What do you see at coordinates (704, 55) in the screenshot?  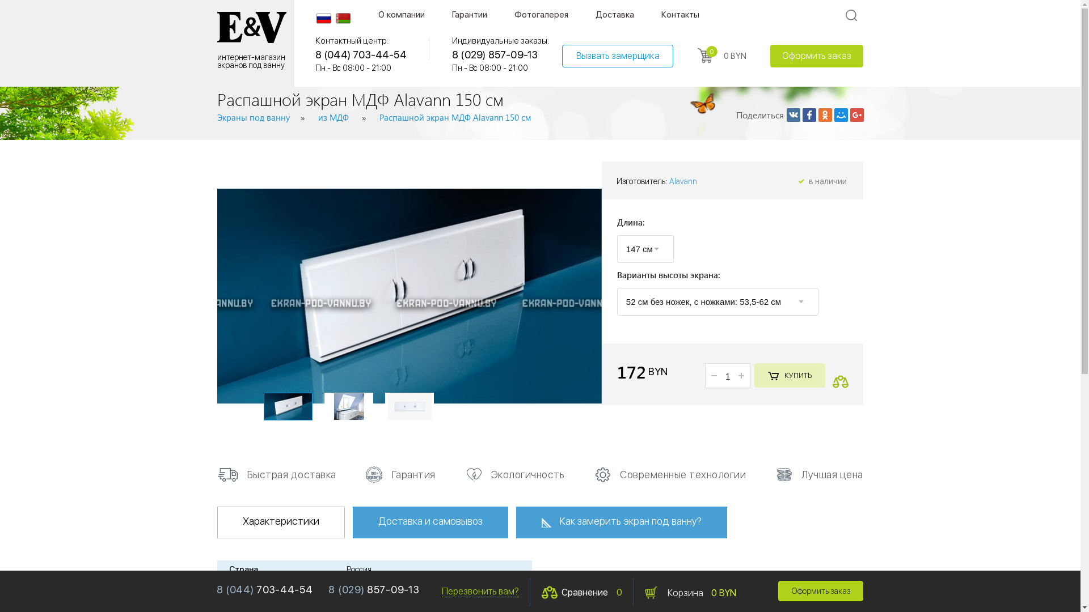 I see `'0'` at bounding box center [704, 55].